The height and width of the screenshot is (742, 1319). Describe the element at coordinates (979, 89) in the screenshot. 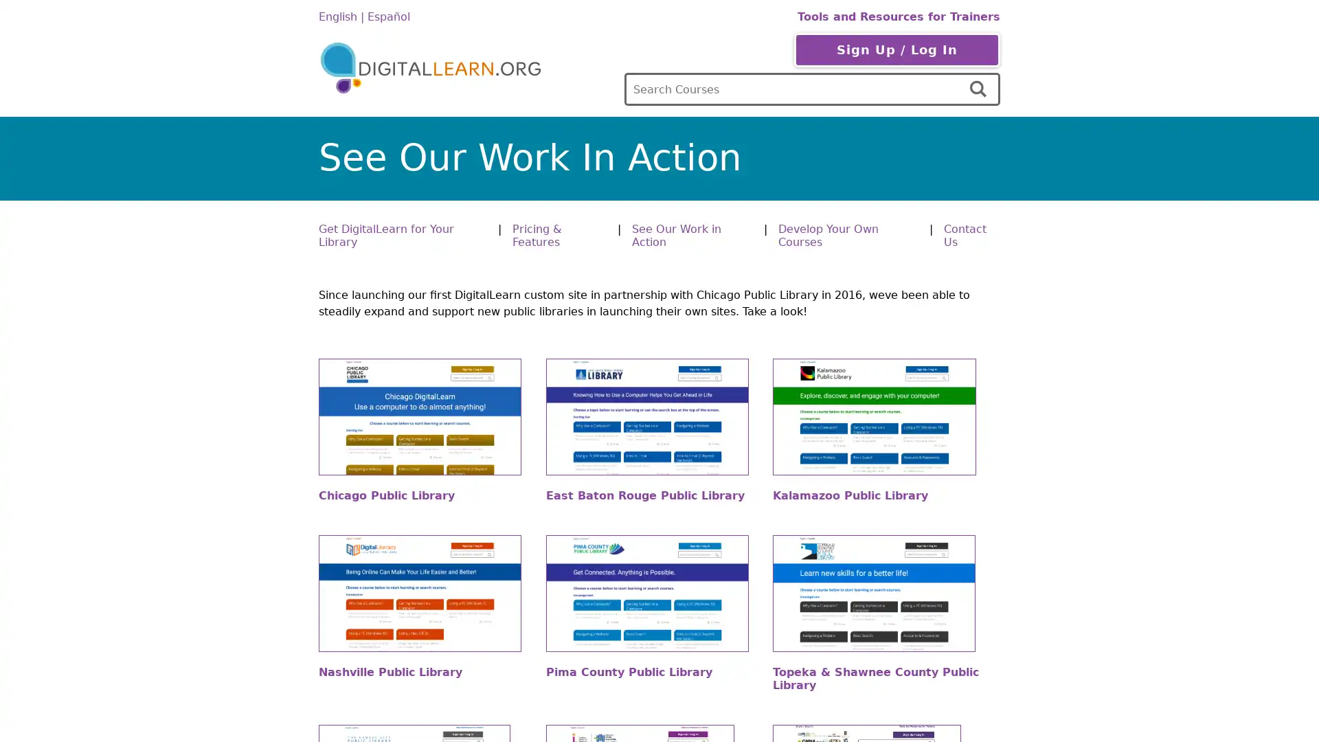

I see `search` at that location.